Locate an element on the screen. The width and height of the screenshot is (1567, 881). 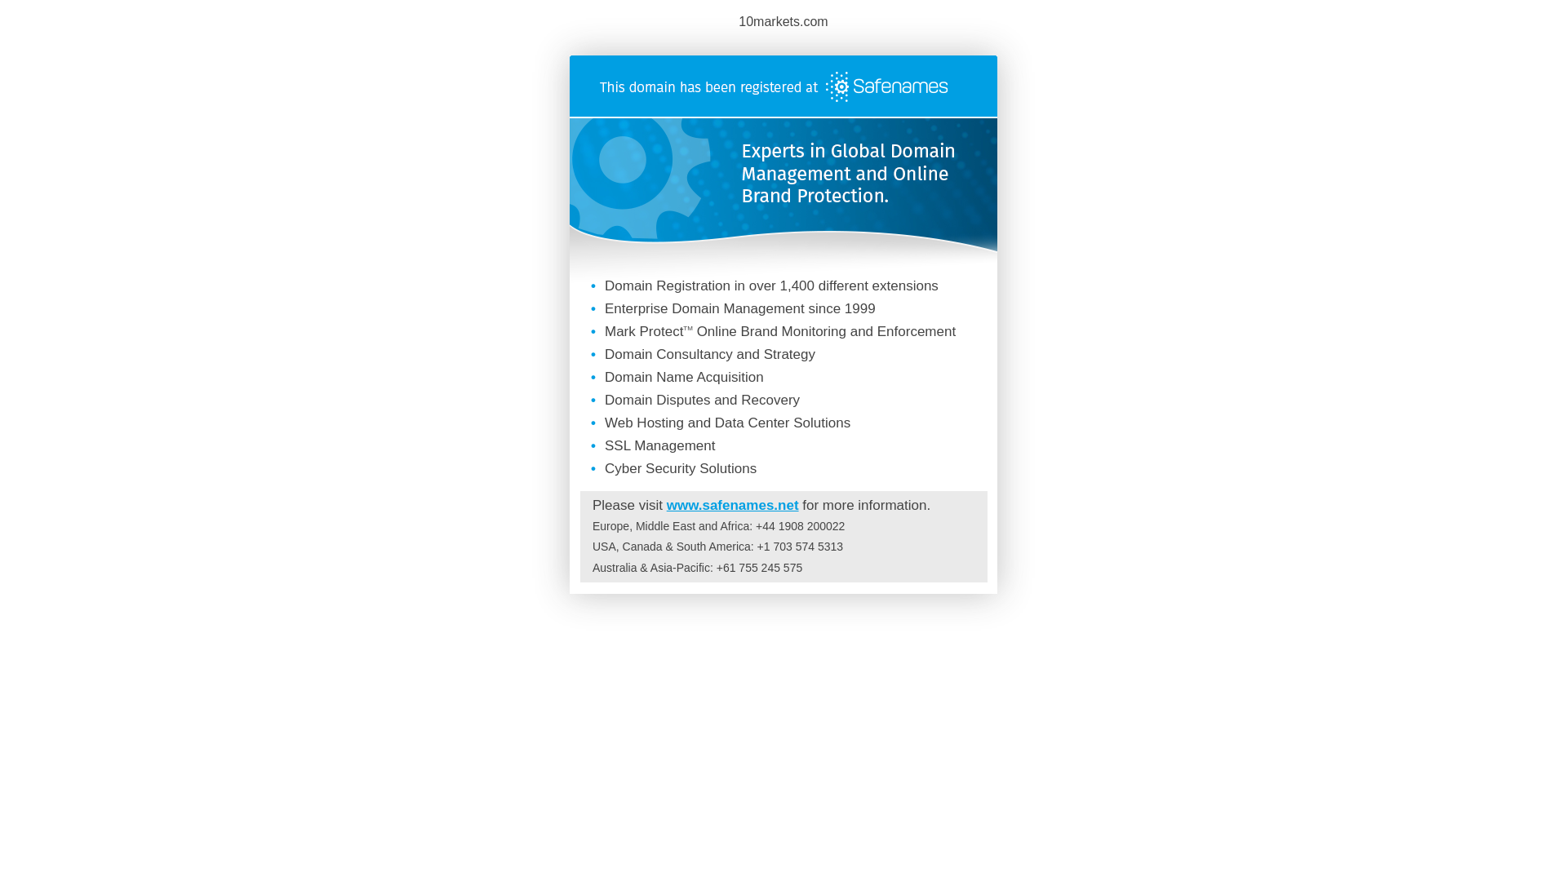
'www.safenames.net' is located at coordinates (731, 504).